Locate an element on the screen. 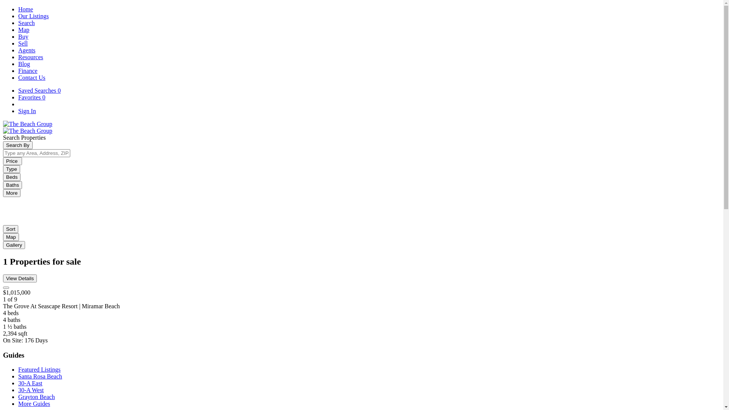 The height and width of the screenshot is (410, 729). 'Our Listings' is located at coordinates (33, 16).